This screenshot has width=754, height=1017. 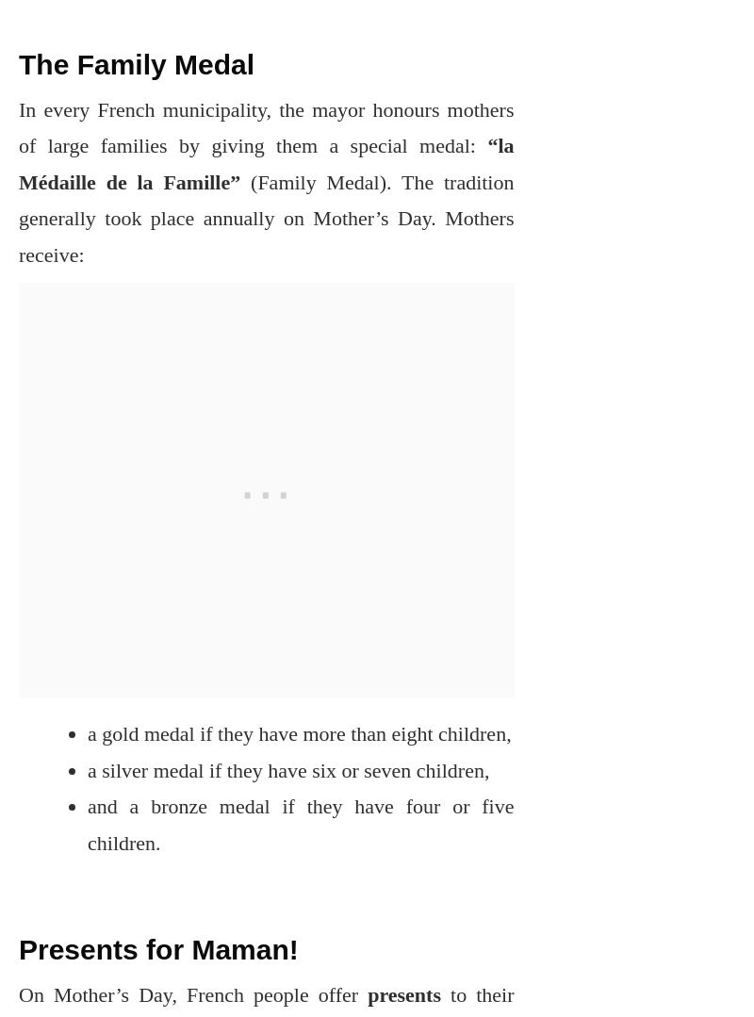 What do you see at coordinates (19, 163) in the screenshot?
I see `'“la Médaille de la Famille”'` at bounding box center [19, 163].